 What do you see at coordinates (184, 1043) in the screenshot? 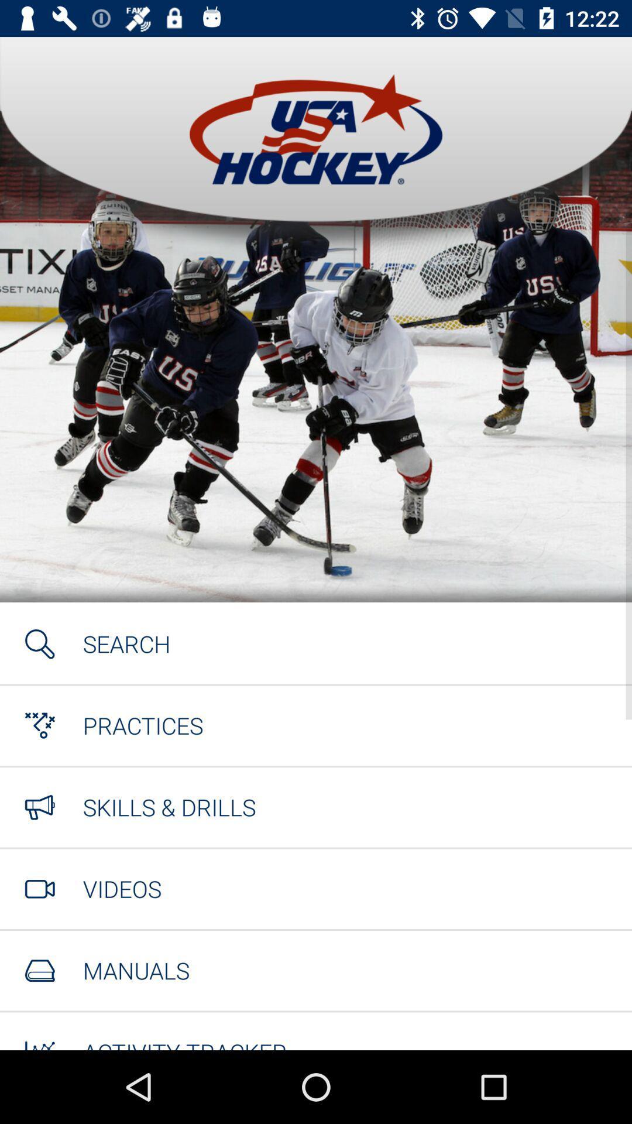
I see `item below manuals item` at bounding box center [184, 1043].